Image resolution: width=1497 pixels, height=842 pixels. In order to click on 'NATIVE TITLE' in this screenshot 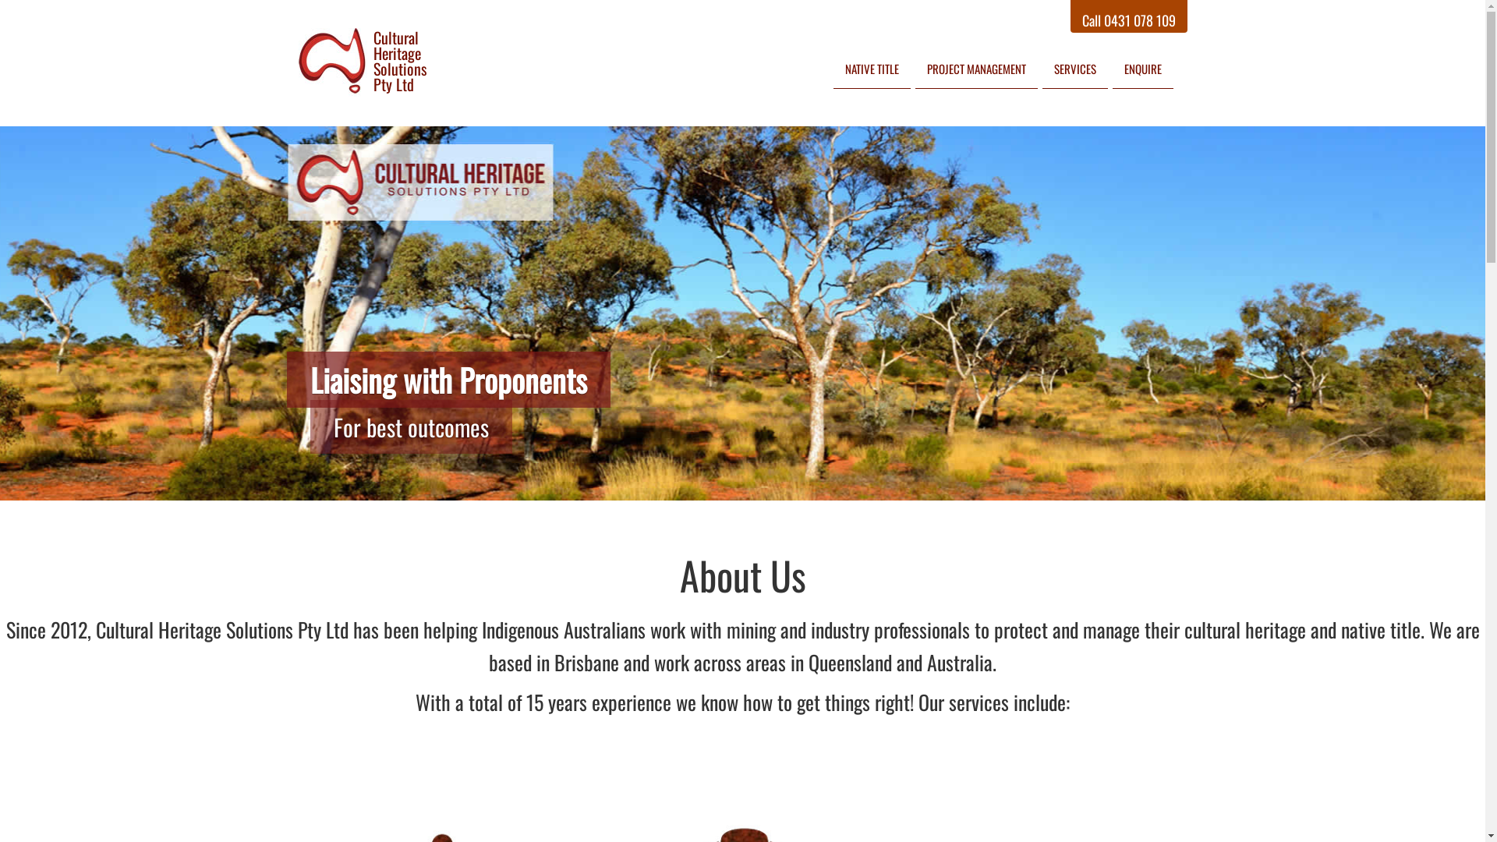, I will do `click(870, 68)`.